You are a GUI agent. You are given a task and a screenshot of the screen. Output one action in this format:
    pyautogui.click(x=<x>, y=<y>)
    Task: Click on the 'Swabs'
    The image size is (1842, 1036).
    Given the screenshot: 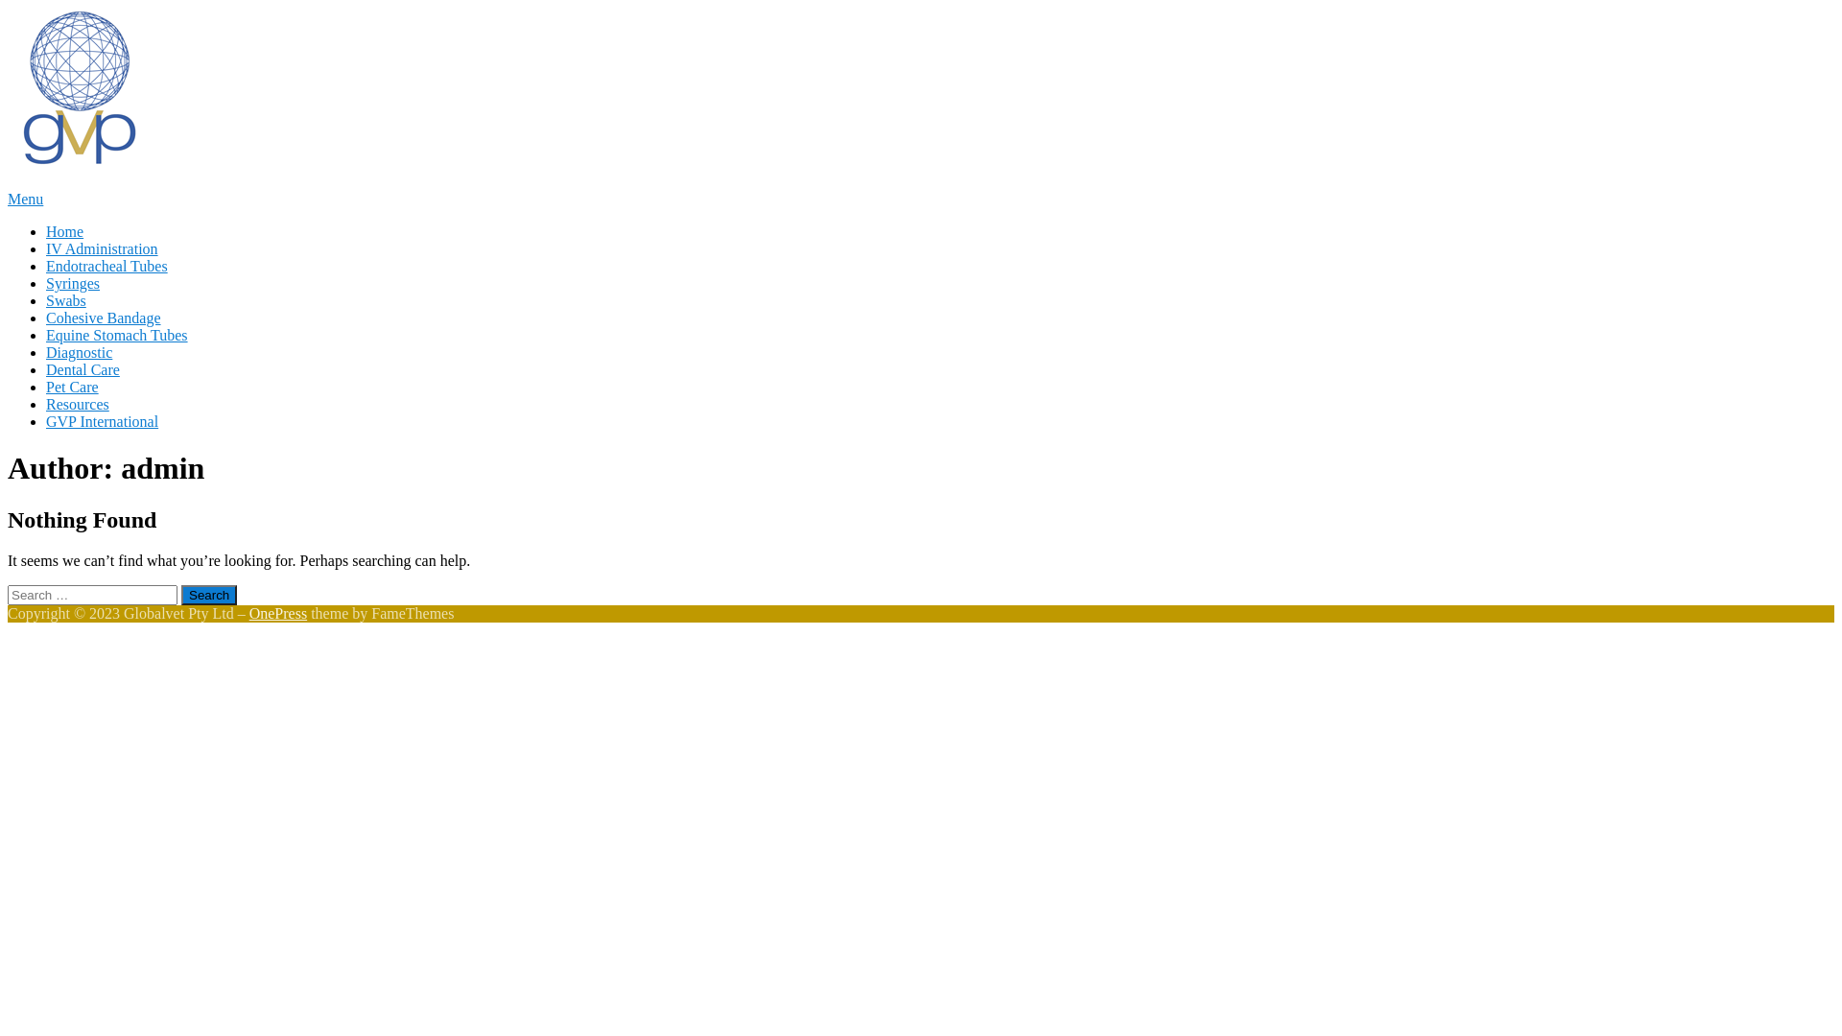 What is the action you would take?
    pyautogui.click(x=46, y=300)
    